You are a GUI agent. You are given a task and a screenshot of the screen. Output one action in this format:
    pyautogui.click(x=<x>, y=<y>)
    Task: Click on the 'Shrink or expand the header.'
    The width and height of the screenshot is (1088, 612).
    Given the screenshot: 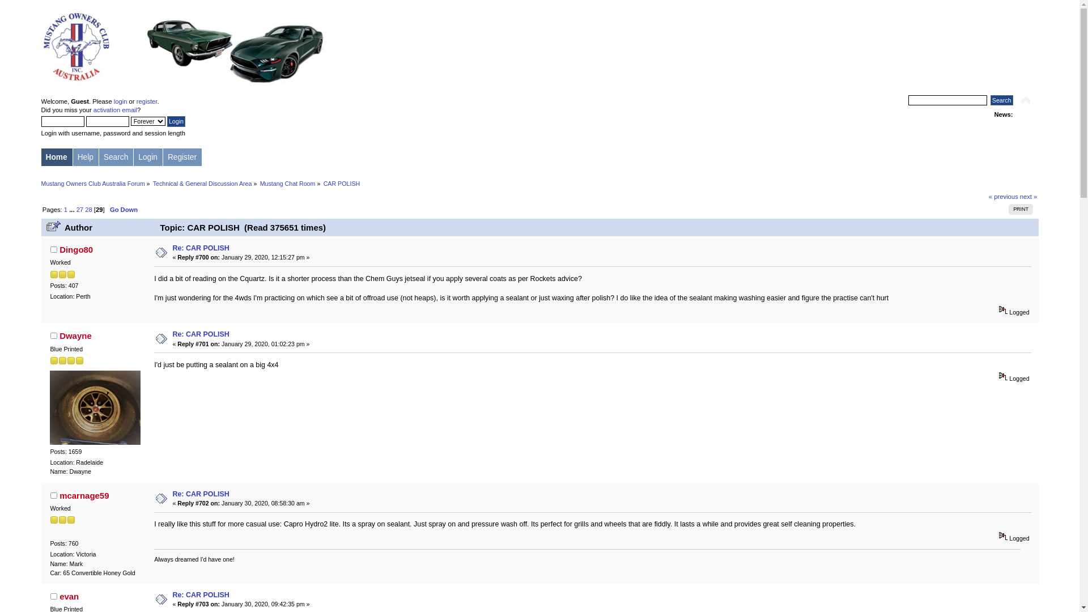 What is the action you would take?
    pyautogui.click(x=1025, y=100)
    